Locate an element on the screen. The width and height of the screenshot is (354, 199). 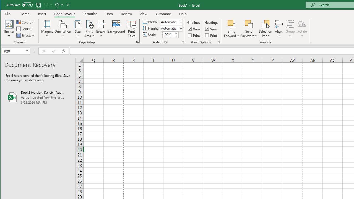
'Colors' is located at coordinates (25, 22).